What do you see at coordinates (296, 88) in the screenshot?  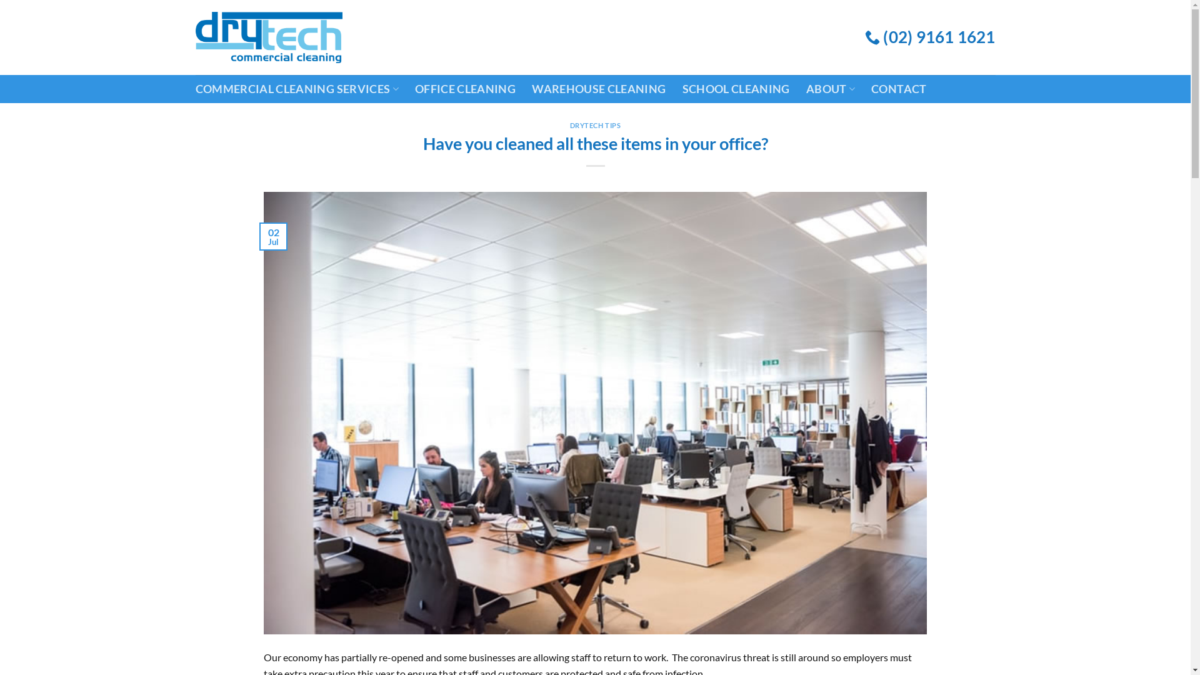 I see `'COMMERCIAL CLEANING SERVICES'` at bounding box center [296, 88].